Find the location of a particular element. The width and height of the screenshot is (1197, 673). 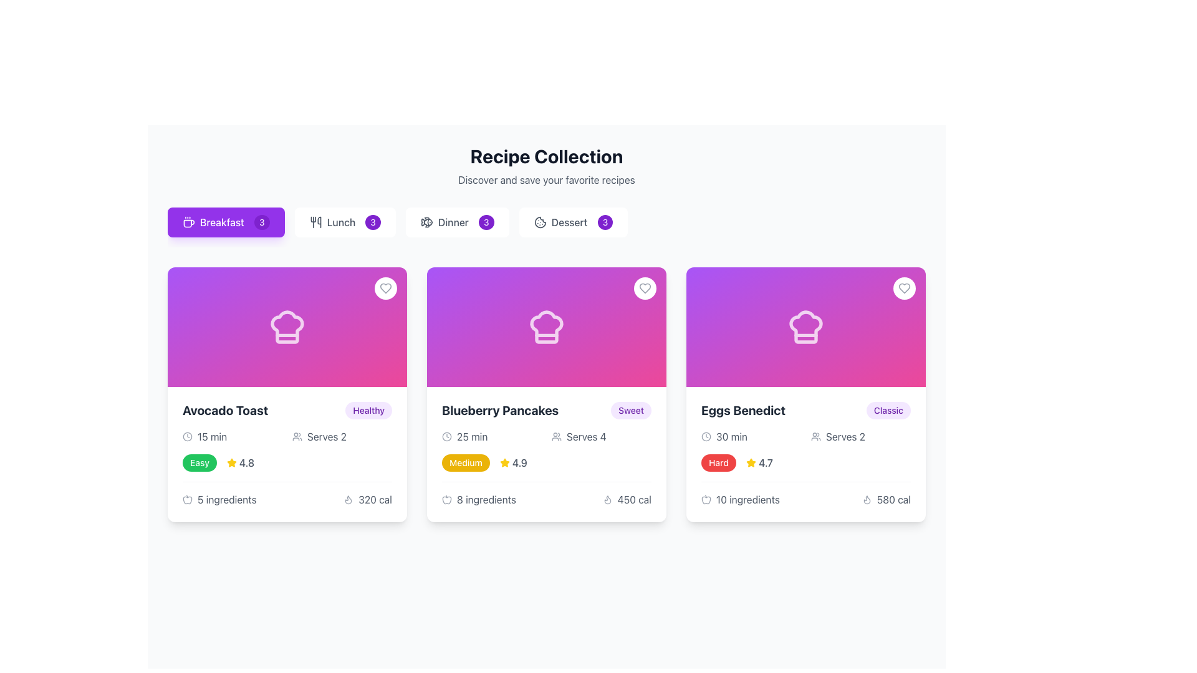

the clock icon that indicates a time duration of '15 min', which is located at the bottom-left corner of the 'Avocado Toast' recipe card is located at coordinates (187, 436).